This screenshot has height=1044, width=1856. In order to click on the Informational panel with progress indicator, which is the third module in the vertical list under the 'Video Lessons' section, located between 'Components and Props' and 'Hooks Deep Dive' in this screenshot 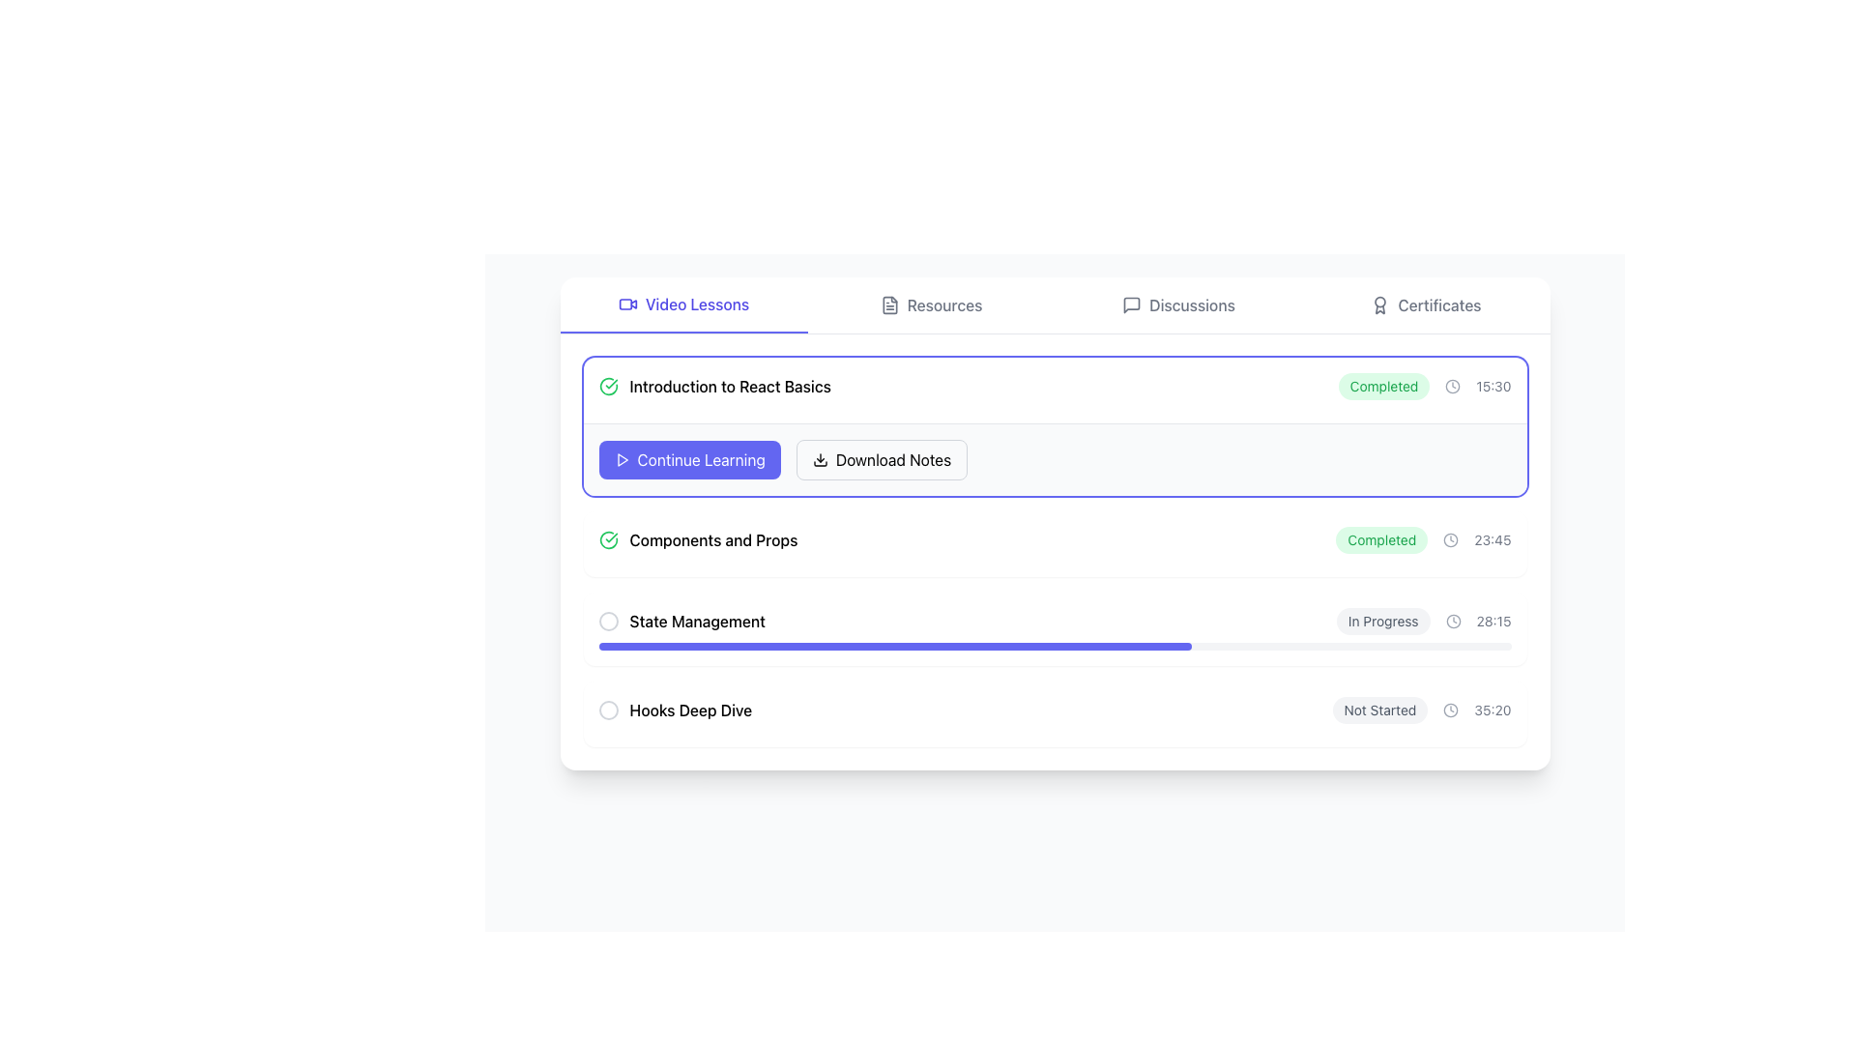, I will do `click(1054, 629)`.